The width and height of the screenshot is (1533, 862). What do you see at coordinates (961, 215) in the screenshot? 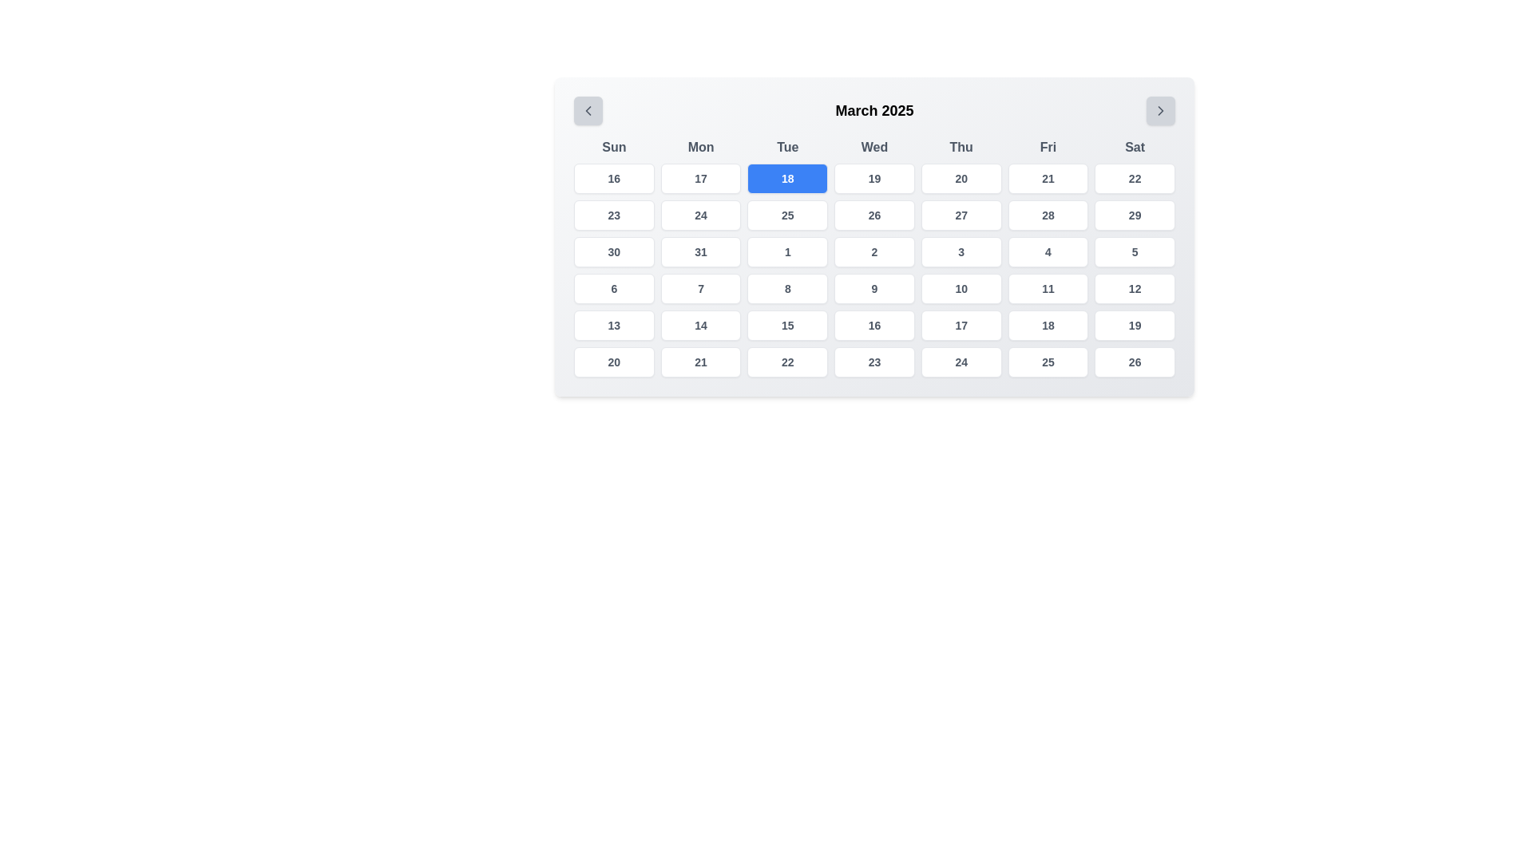
I see `the rectangular button with a white background and the number '27' centered in bold, located in the 5th column of the 3rd row under 'Thu'` at bounding box center [961, 215].